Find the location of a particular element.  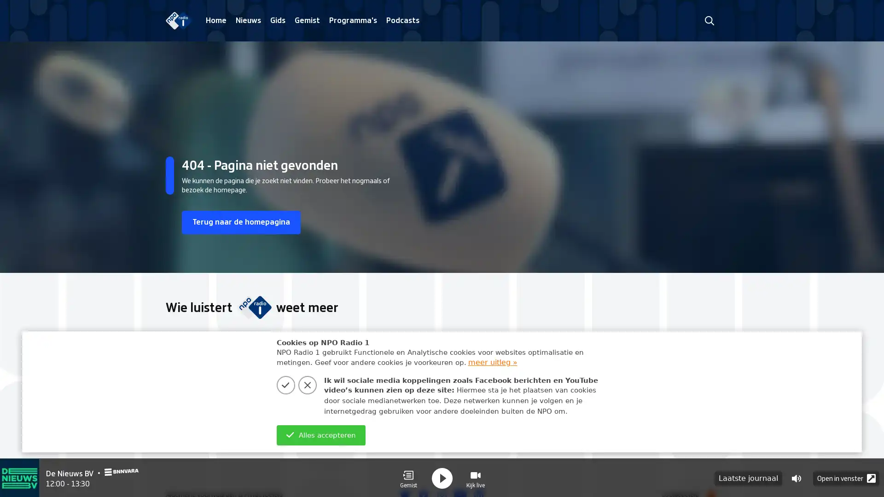

Laatste journaal is located at coordinates (748, 477).